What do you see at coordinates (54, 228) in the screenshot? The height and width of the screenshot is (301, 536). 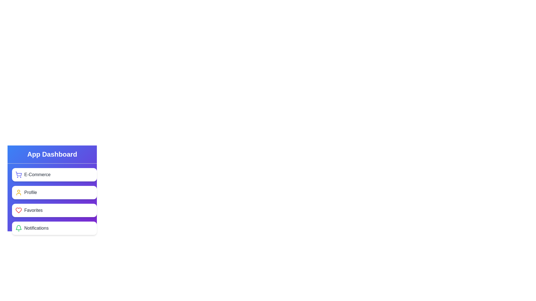 I see `the navigation item Notifications from the sidebar` at bounding box center [54, 228].